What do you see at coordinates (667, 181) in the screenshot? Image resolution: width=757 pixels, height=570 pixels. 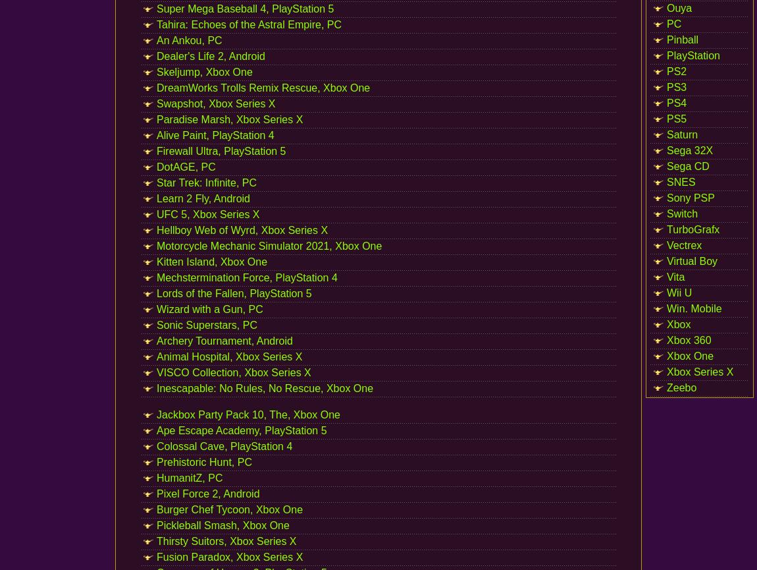 I see `'SNES'` at bounding box center [667, 181].